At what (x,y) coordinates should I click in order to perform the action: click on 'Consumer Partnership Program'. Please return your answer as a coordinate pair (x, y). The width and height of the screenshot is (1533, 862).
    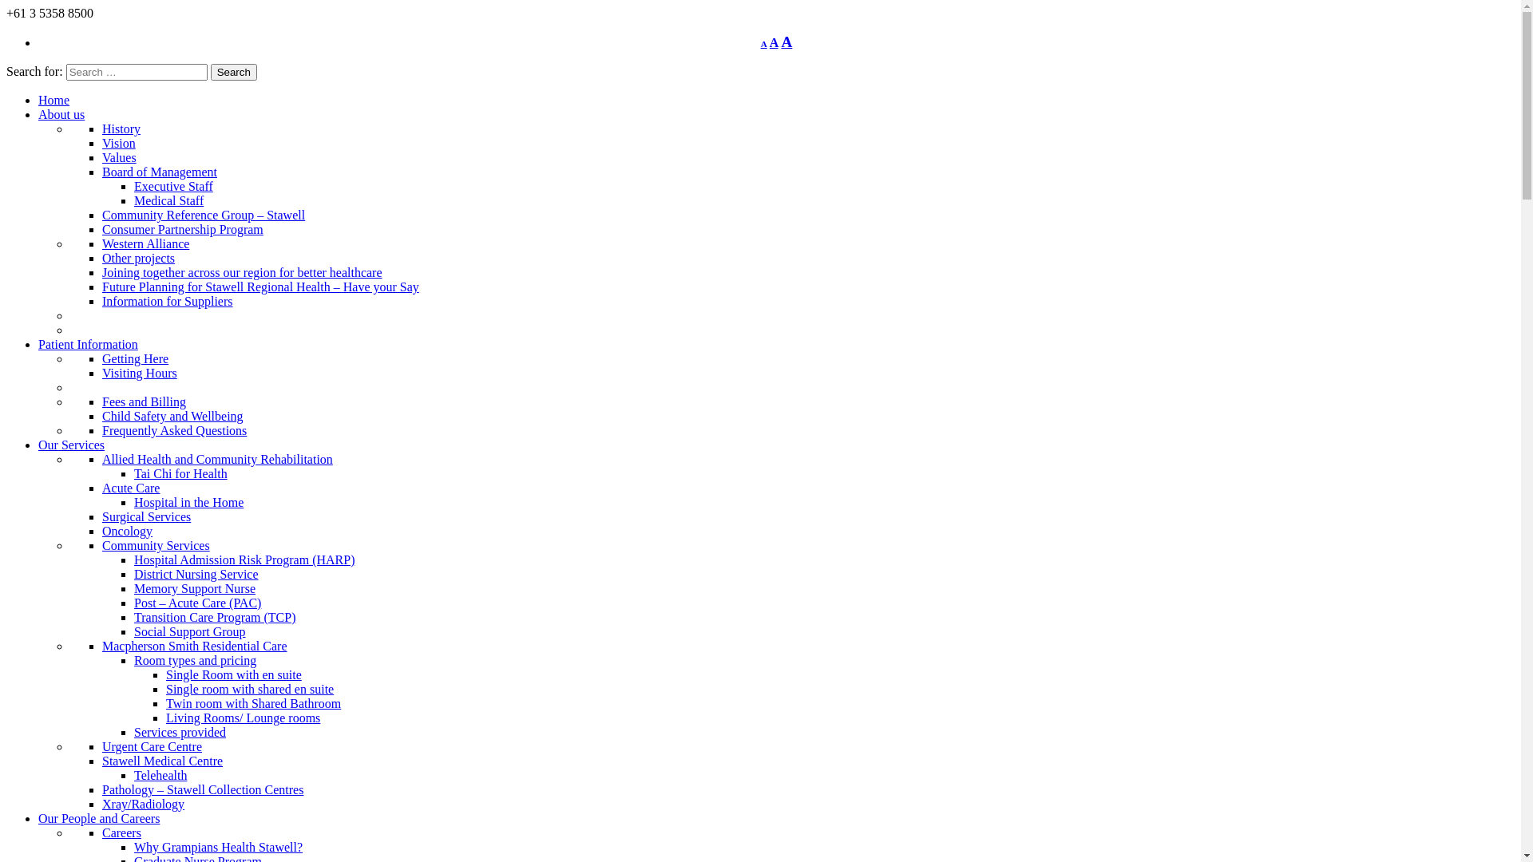
    Looking at the image, I should click on (183, 229).